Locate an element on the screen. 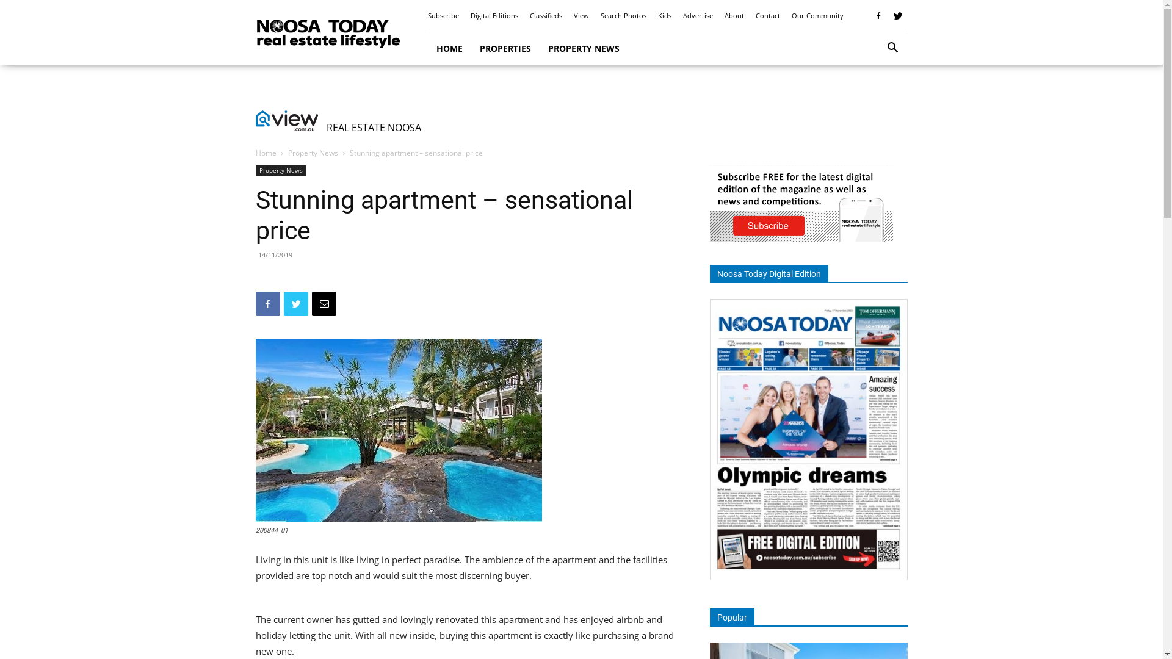 The height and width of the screenshot is (659, 1172). 'Our Community' is located at coordinates (817, 15).